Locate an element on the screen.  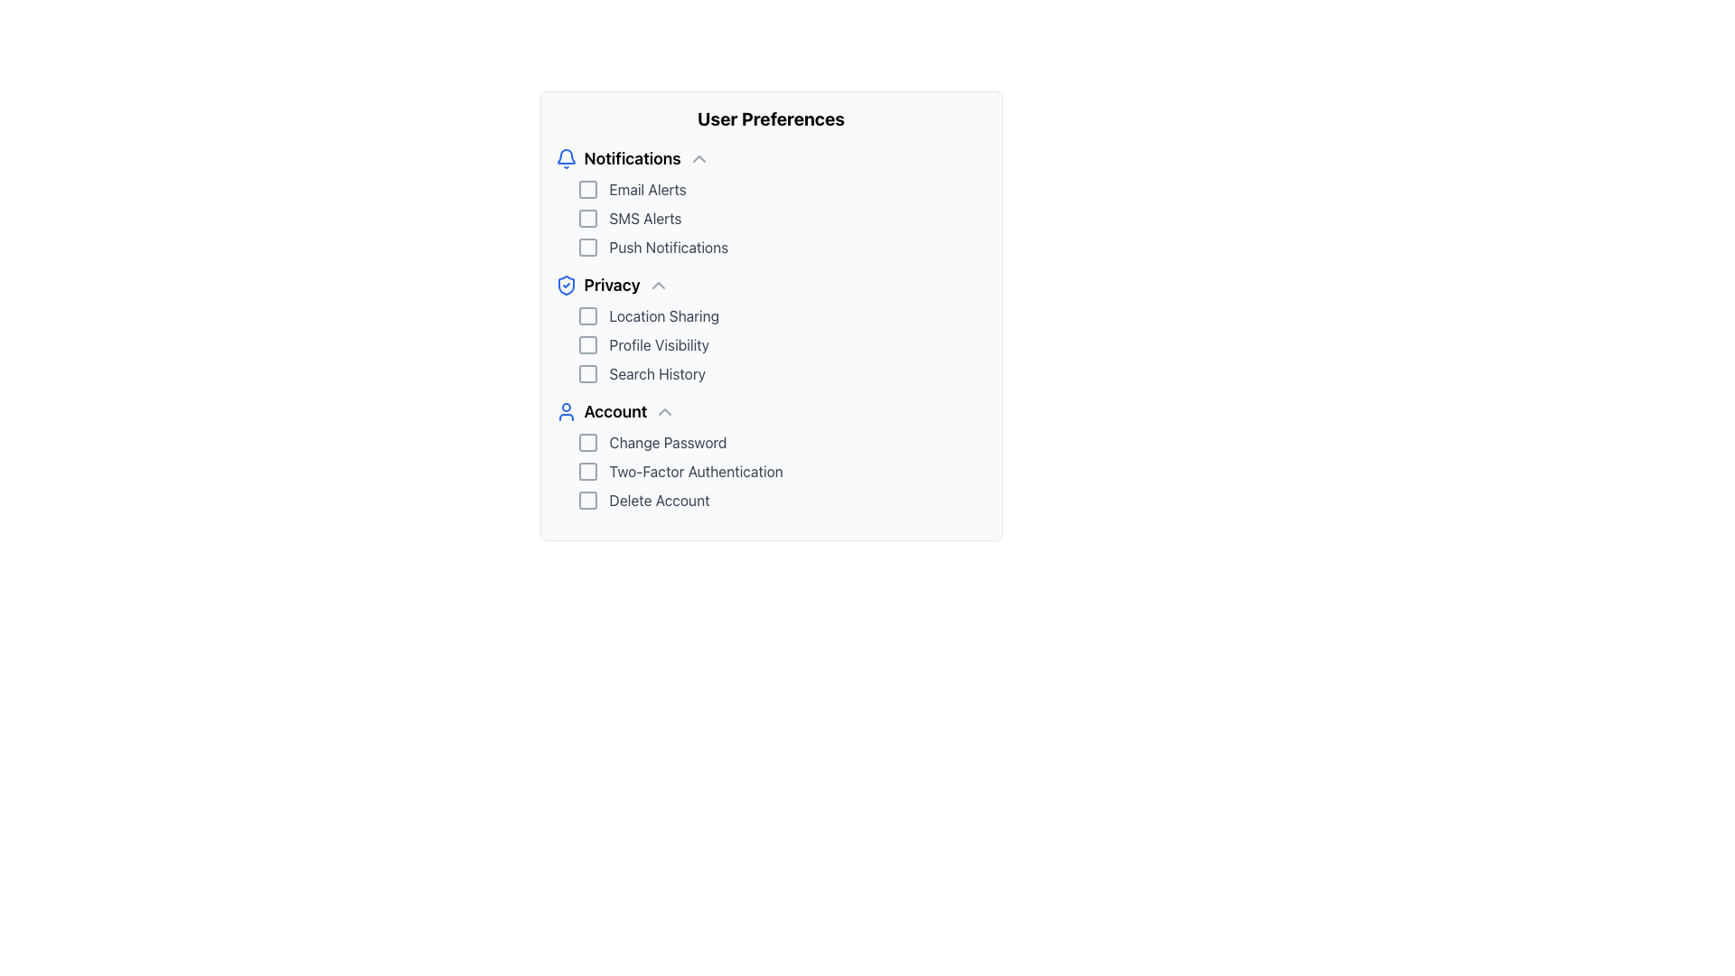
the 'Push Notifications' checkbox located in the lower left quarter of the interface is located at coordinates (782, 247).